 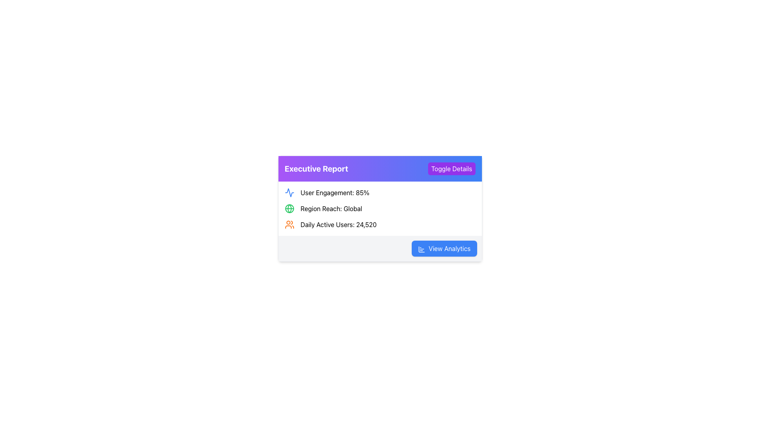 What do you see at coordinates (289, 208) in the screenshot?
I see `the icon representing 'global reach' that precedes the text 'Region Reach: Global' in the 'Executive Report' section` at bounding box center [289, 208].